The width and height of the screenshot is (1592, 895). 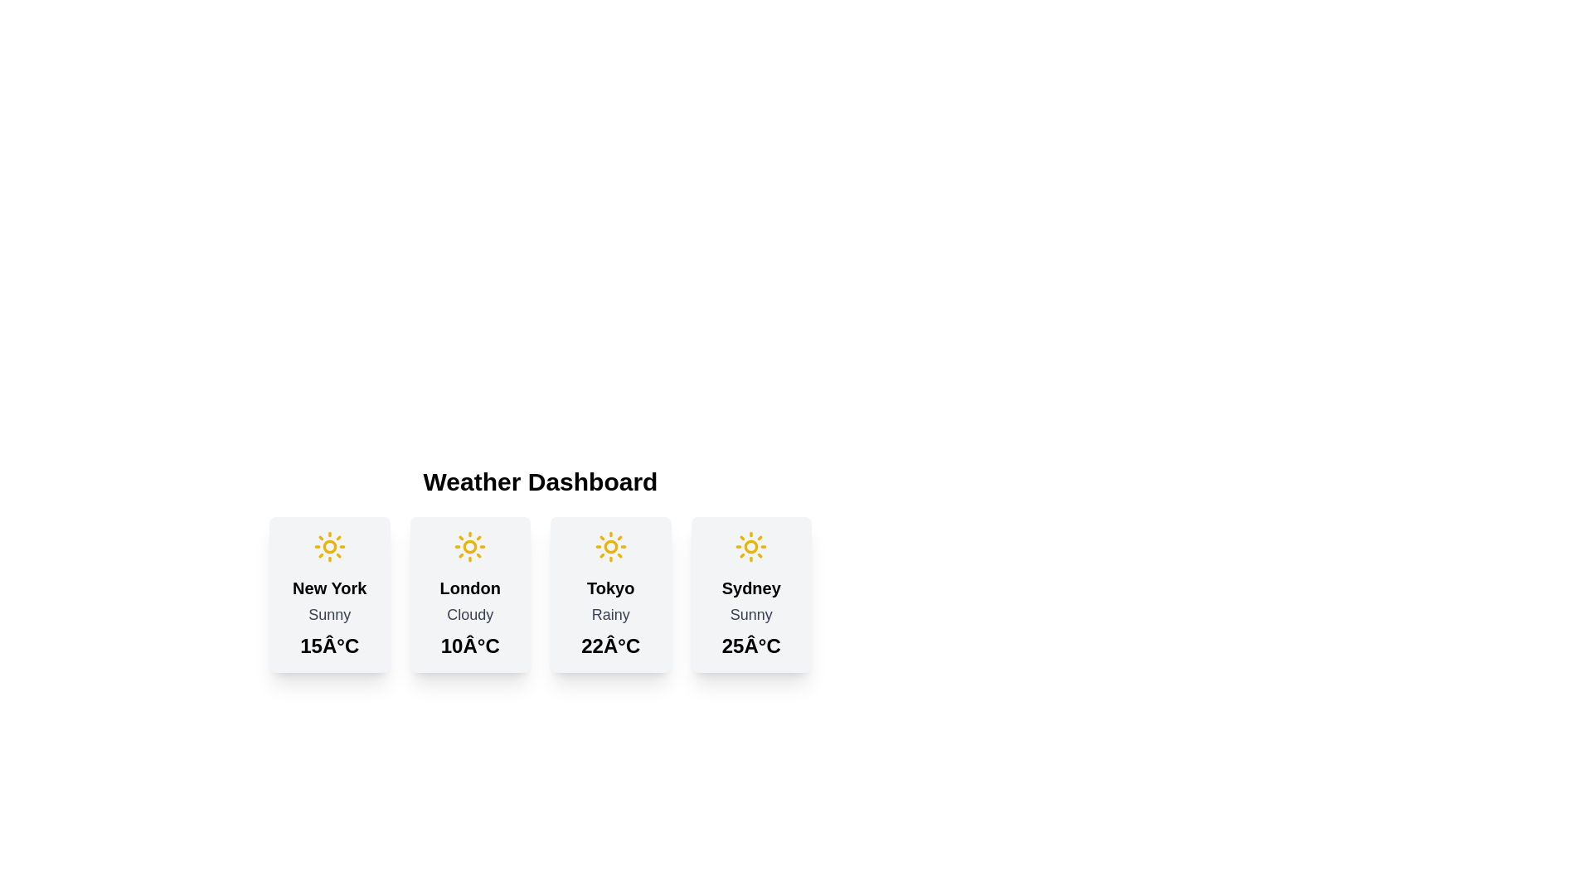 What do you see at coordinates (609, 645) in the screenshot?
I see `text displayed in the temperature label for Tokyo, which is located below the 'Rainy' text within the weather card` at bounding box center [609, 645].